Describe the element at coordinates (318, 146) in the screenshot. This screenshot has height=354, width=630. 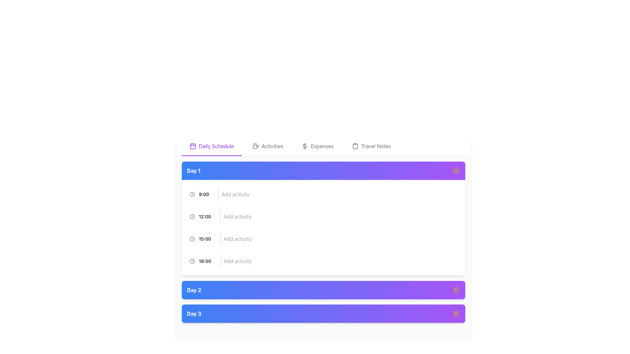
I see `the 'Expenses' button in the horizontal navigation menu` at that location.